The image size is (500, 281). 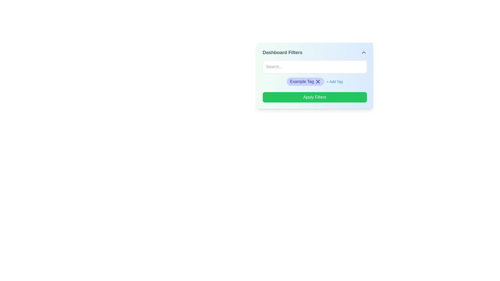 What do you see at coordinates (318, 81) in the screenshot?
I see `the delete icon located to the right of the 'Example Tag' text within the tag-like user interface` at bounding box center [318, 81].